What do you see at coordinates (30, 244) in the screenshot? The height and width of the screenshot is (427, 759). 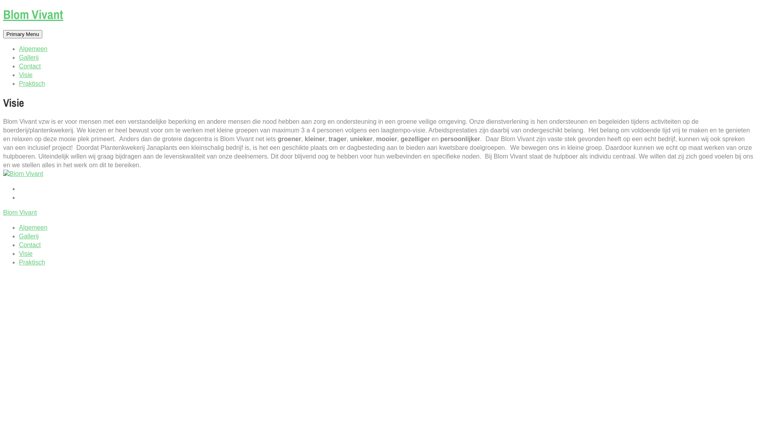 I see `'Contact'` at bounding box center [30, 244].